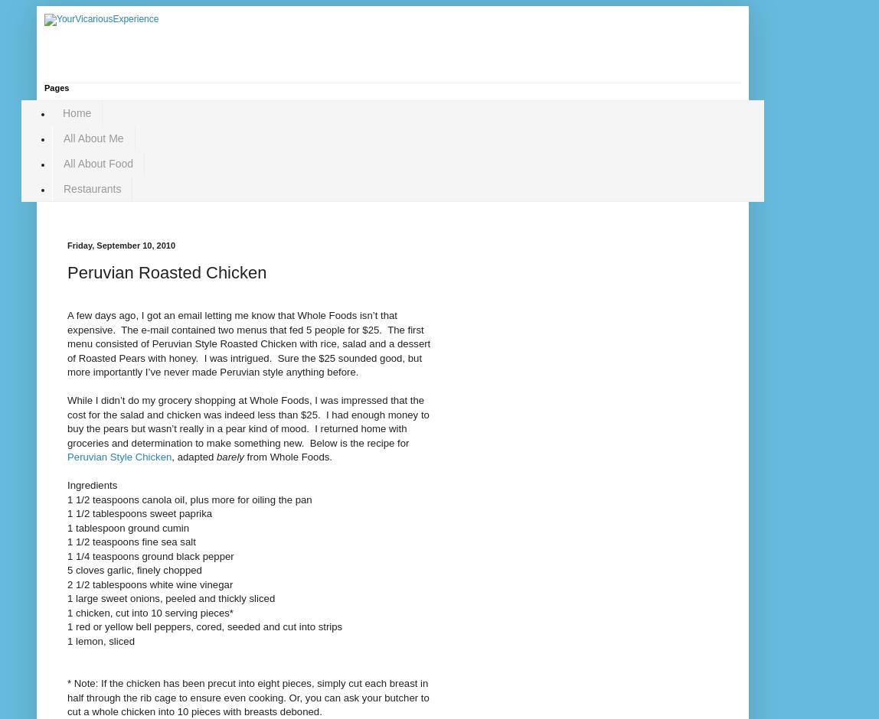 The height and width of the screenshot is (719, 879). I want to click on '1 large sweet onions, peeled and thickly sliced', so click(170, 597).